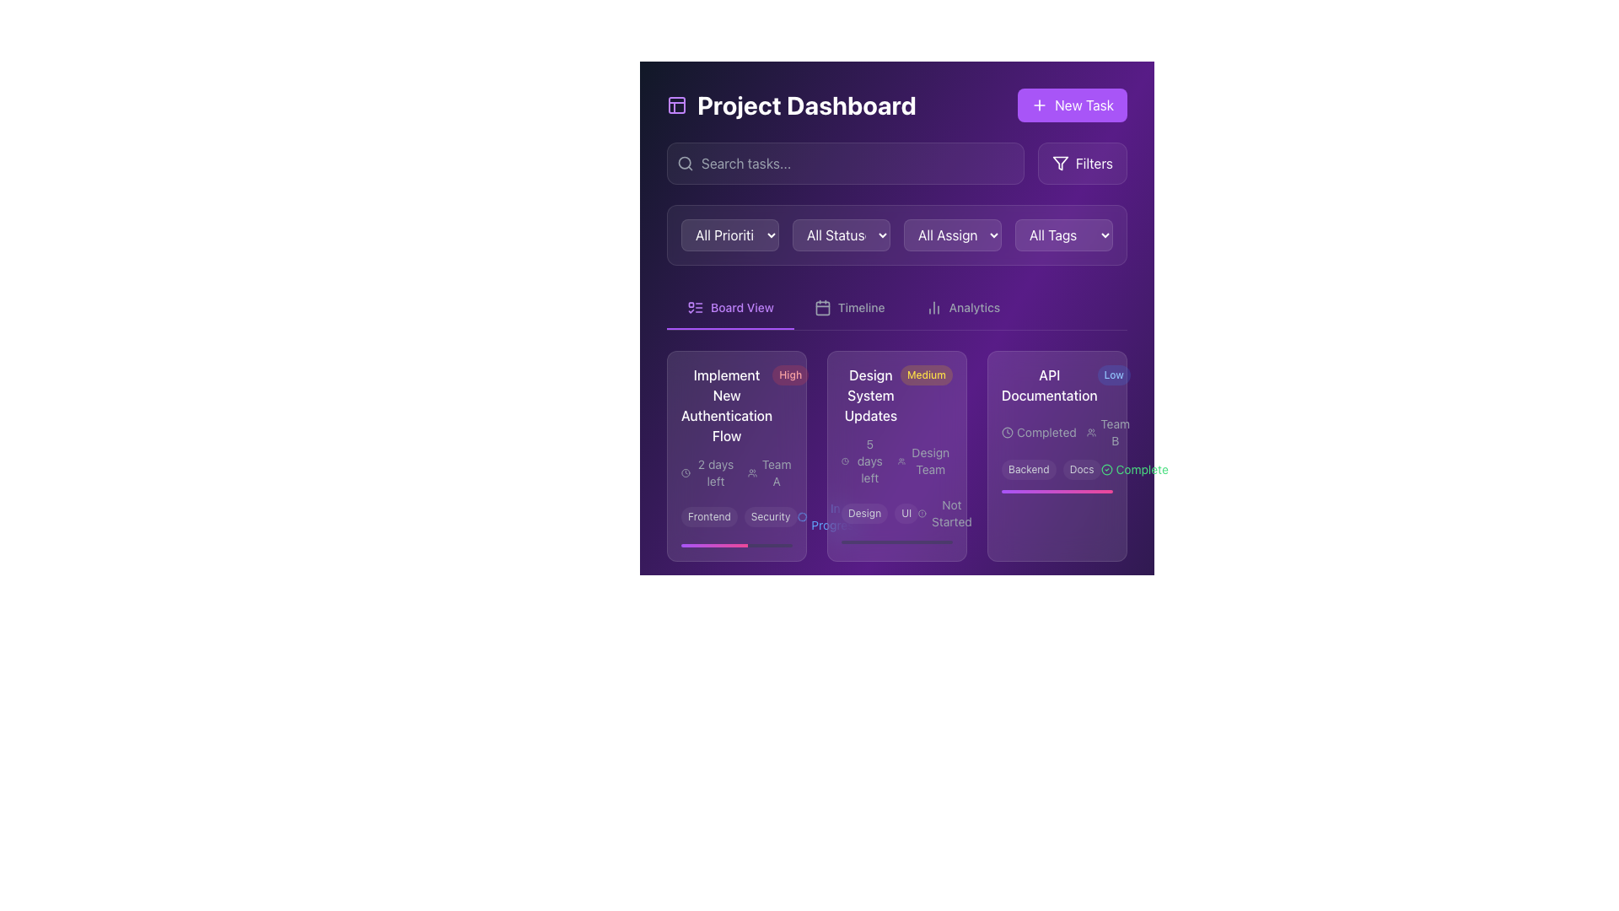 Image resolution: width=1619 pixels, height=911 pixels. Describe the element at coordinates (736, 472) in the screenshot. I see `the information display component that shows the deadline (2 days left) and the assigned team (Team A) within the card titled 'Implement New Authentication Flow'` at that location.